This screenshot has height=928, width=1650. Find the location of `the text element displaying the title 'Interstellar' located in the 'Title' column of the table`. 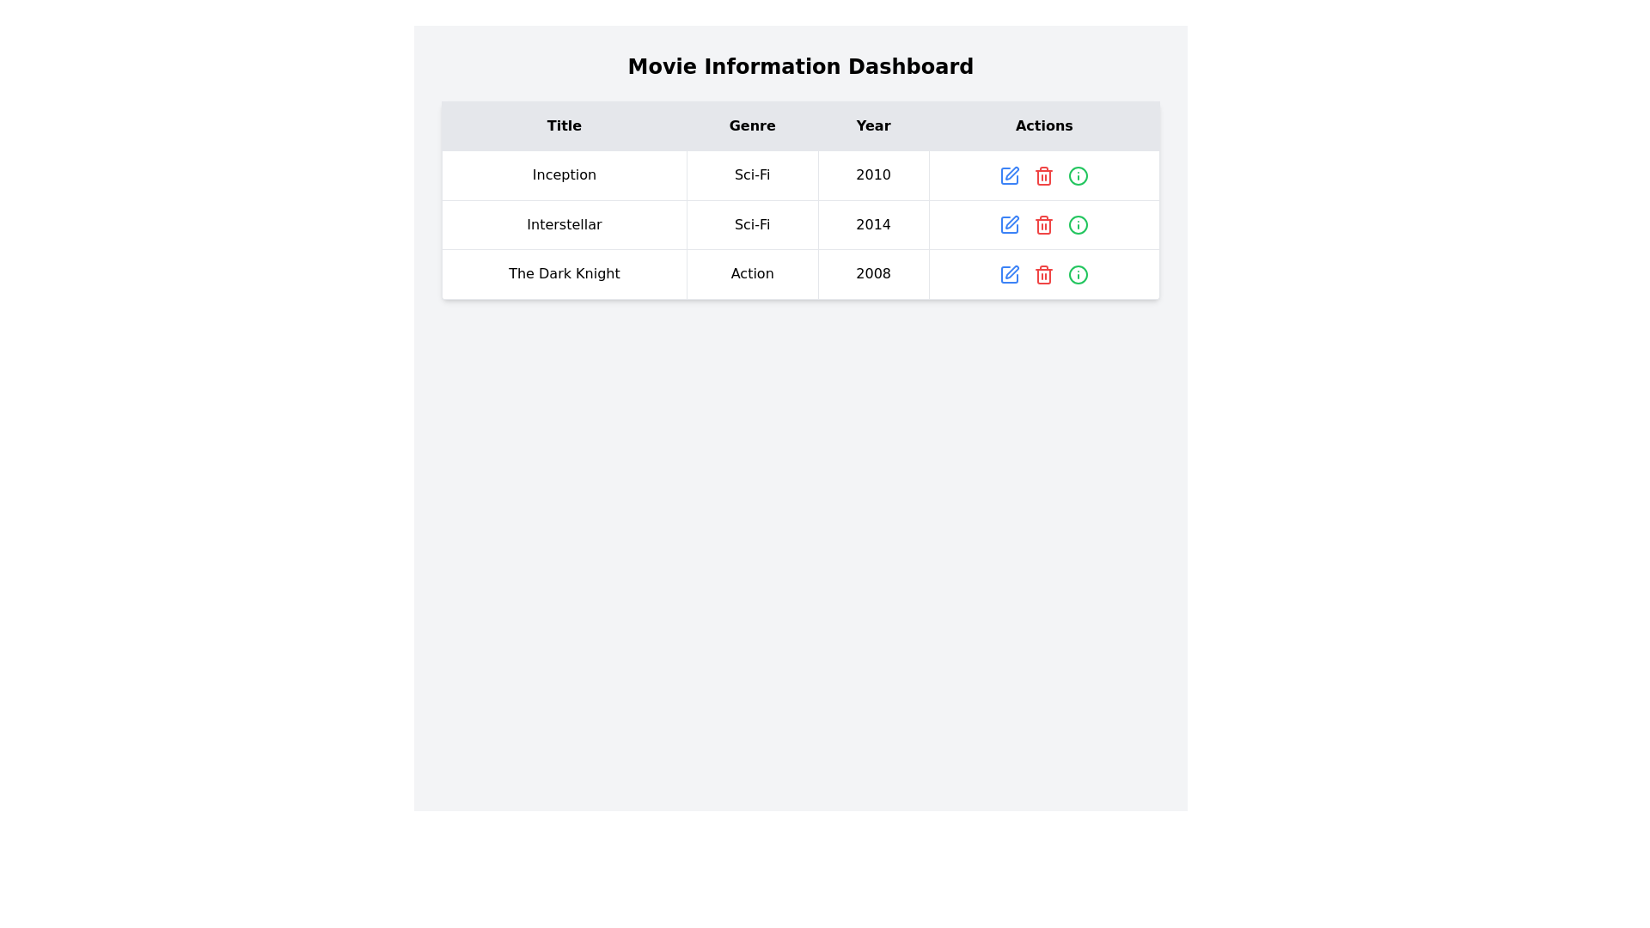

the text element displaying the title 'Interstellar' located in the 'Title' column of the table is located at coordinates (565, 223).